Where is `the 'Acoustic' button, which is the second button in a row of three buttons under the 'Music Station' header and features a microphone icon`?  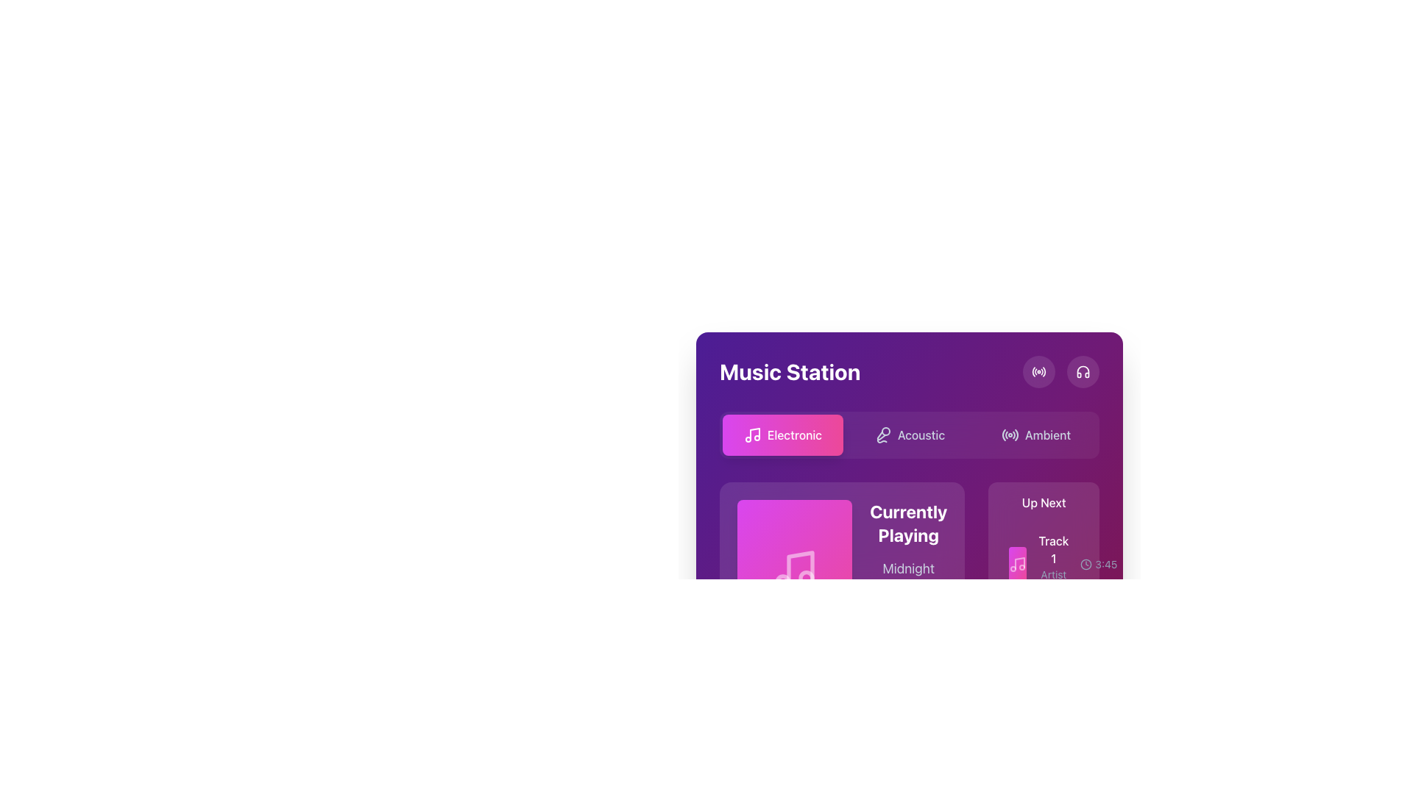 the 'Acoustic' button, which is the second button in a row of three buttons under the 'Music Station' header and features a microphone icon is located at coordinates (909, 434).